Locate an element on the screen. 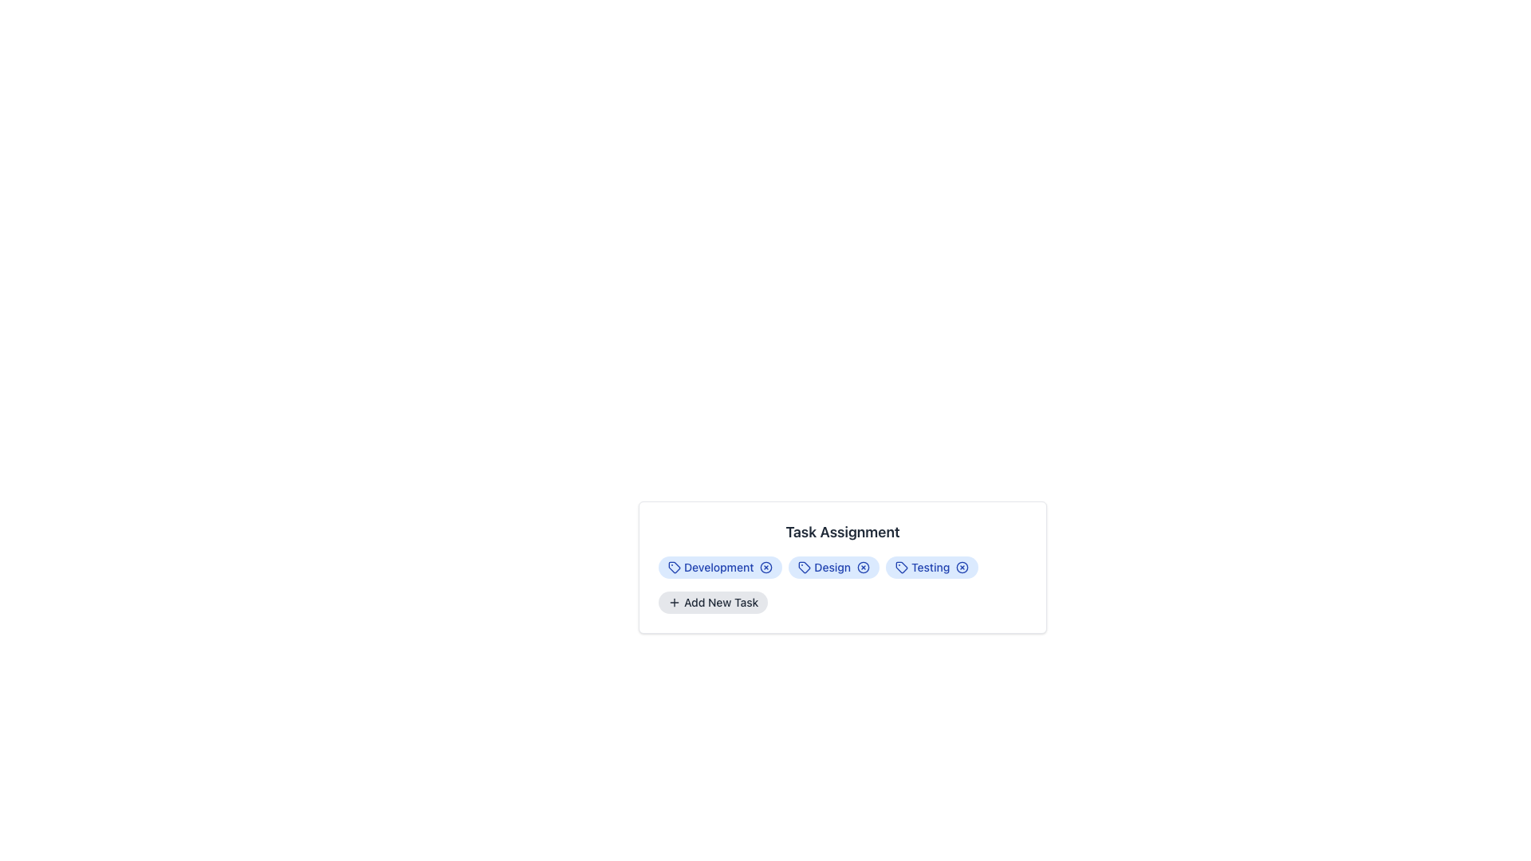 The image size is (1531, 861). the circle element located at the right edge of the 'Development' tag, which is part of the tag layout under the 'Task Assignment' header is located at coordinates (766, 567).